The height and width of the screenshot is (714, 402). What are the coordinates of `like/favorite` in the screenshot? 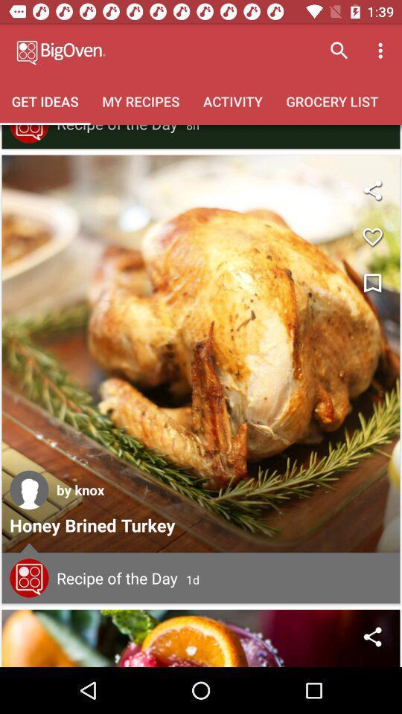 It's located at (371, 237).